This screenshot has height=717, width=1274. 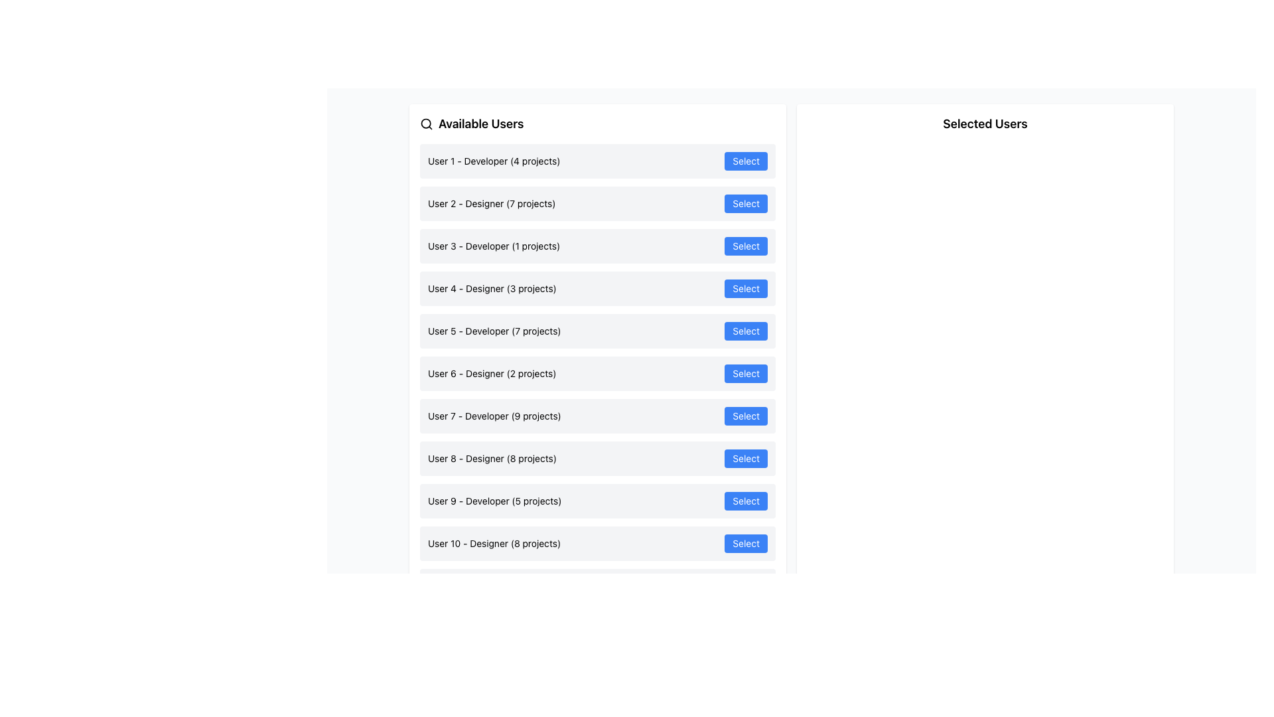 I want to click on the 'Selected Users' title text label located at the top of the right panel of the interface, which is styled with a larger font size and bold weight, so click(x=985, y=123).